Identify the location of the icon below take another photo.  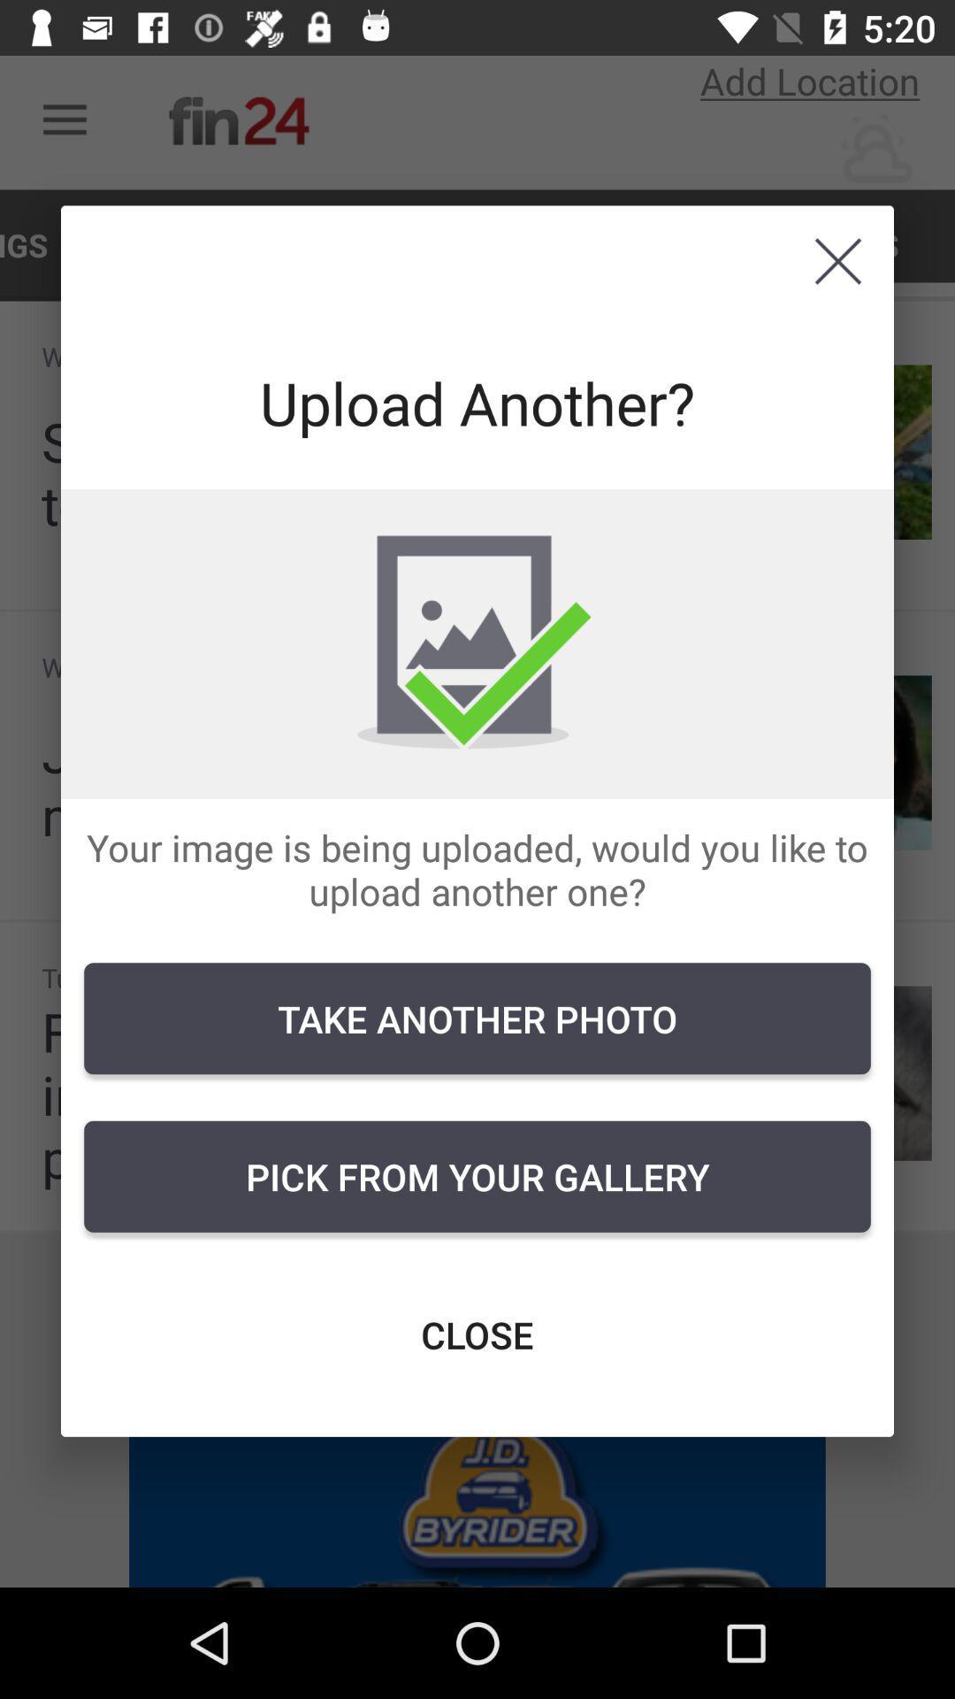
(477, 1176).